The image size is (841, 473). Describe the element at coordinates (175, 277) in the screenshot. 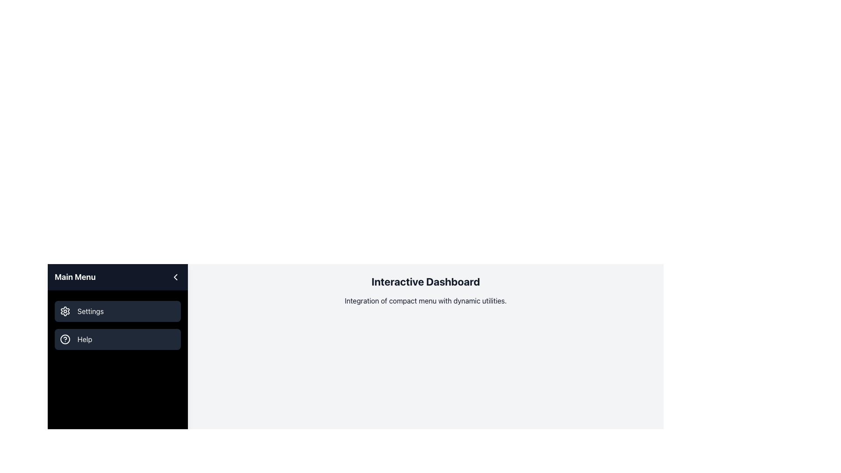

I see `the back/collapse button located at the top-right corner of the 'Main Menu' header` at that location.